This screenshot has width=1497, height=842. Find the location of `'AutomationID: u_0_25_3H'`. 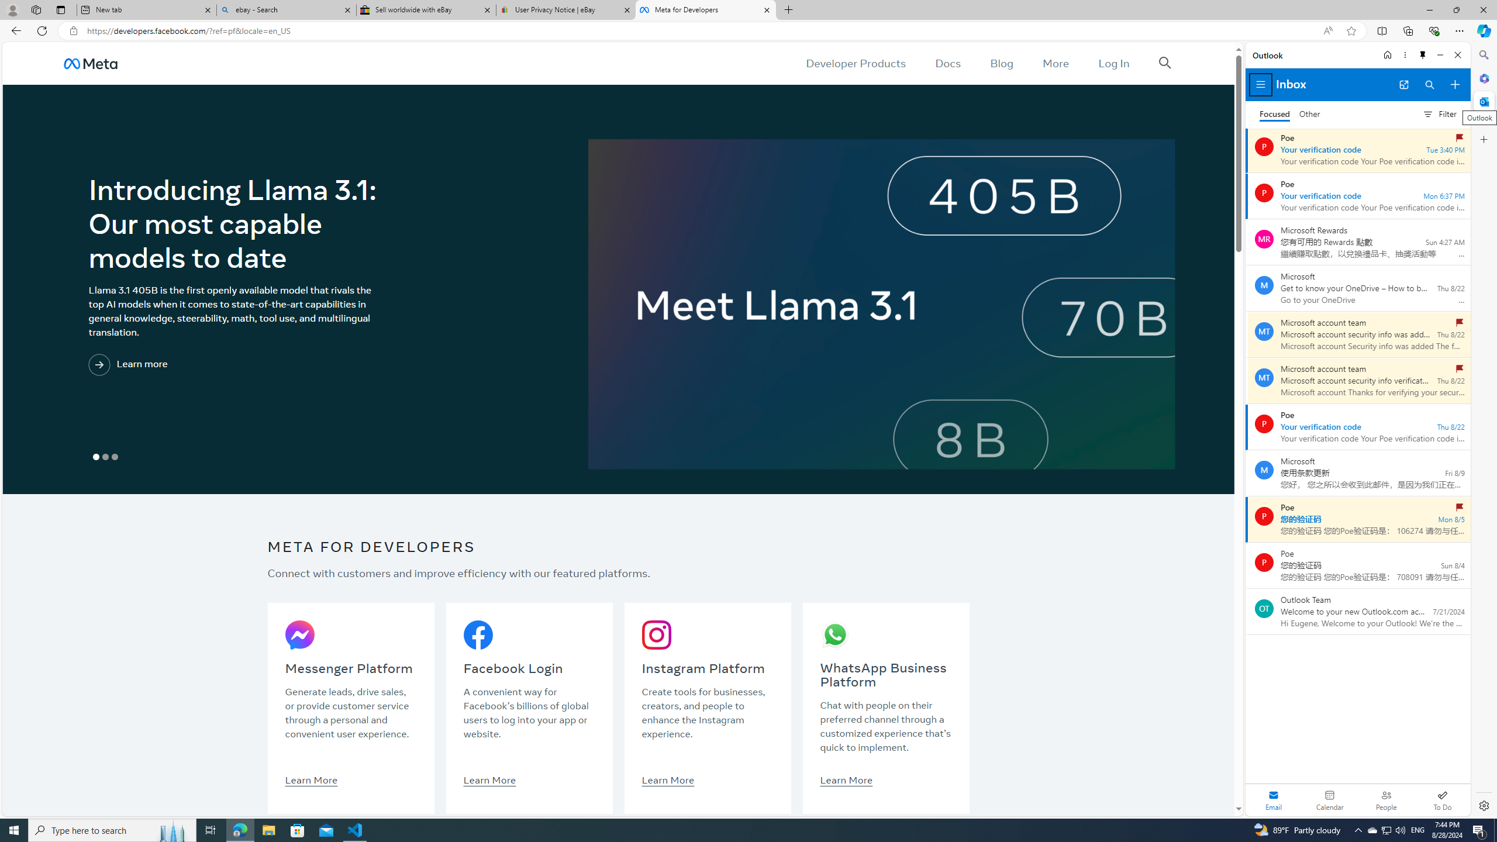

'AutomationID: u_0_25_3H' is located at coordinates (91, 63).